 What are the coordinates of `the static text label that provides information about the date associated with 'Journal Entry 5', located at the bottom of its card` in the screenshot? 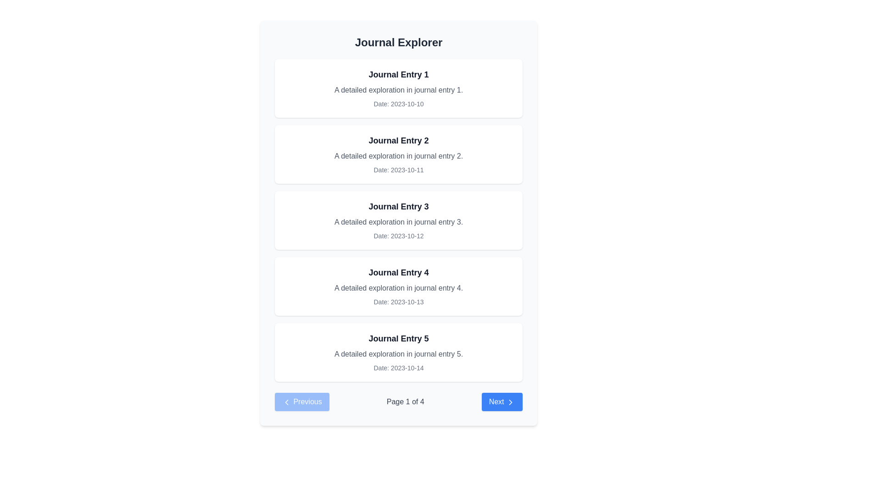 It's located at (398, 367).